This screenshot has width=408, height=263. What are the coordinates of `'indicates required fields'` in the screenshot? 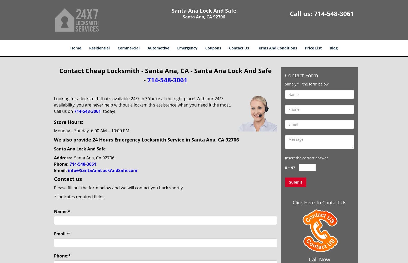 It's located at (80, 196).